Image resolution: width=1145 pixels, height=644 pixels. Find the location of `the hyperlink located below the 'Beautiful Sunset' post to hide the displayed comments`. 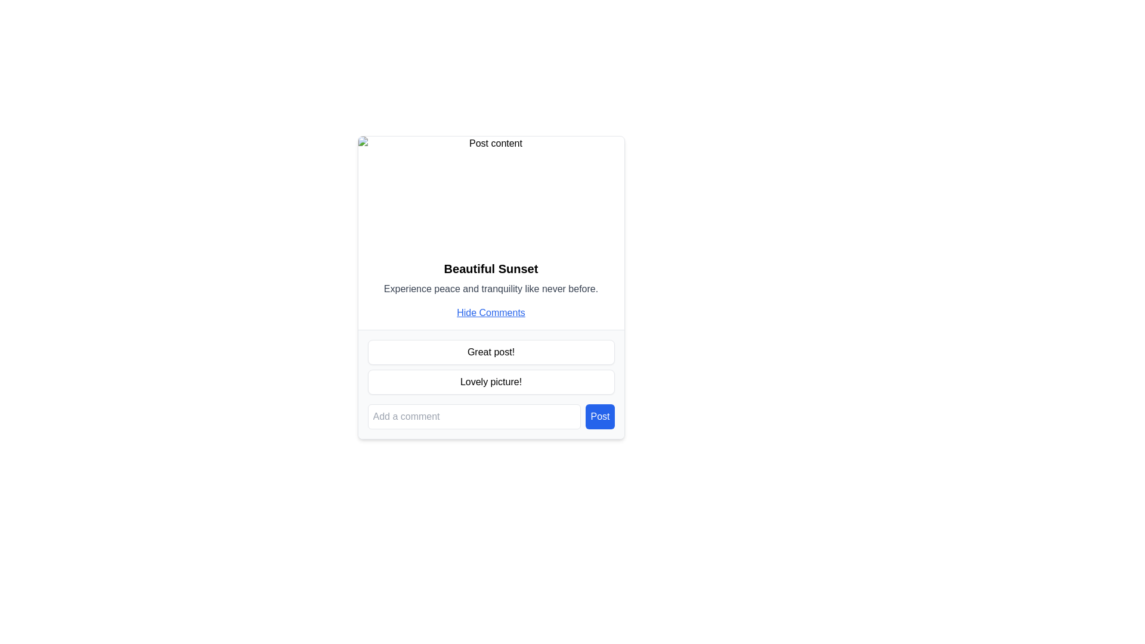

the hyperlink located below the 'Beautiful Sunset' post to hide the displayed comments is located at coordinates (491, 312).